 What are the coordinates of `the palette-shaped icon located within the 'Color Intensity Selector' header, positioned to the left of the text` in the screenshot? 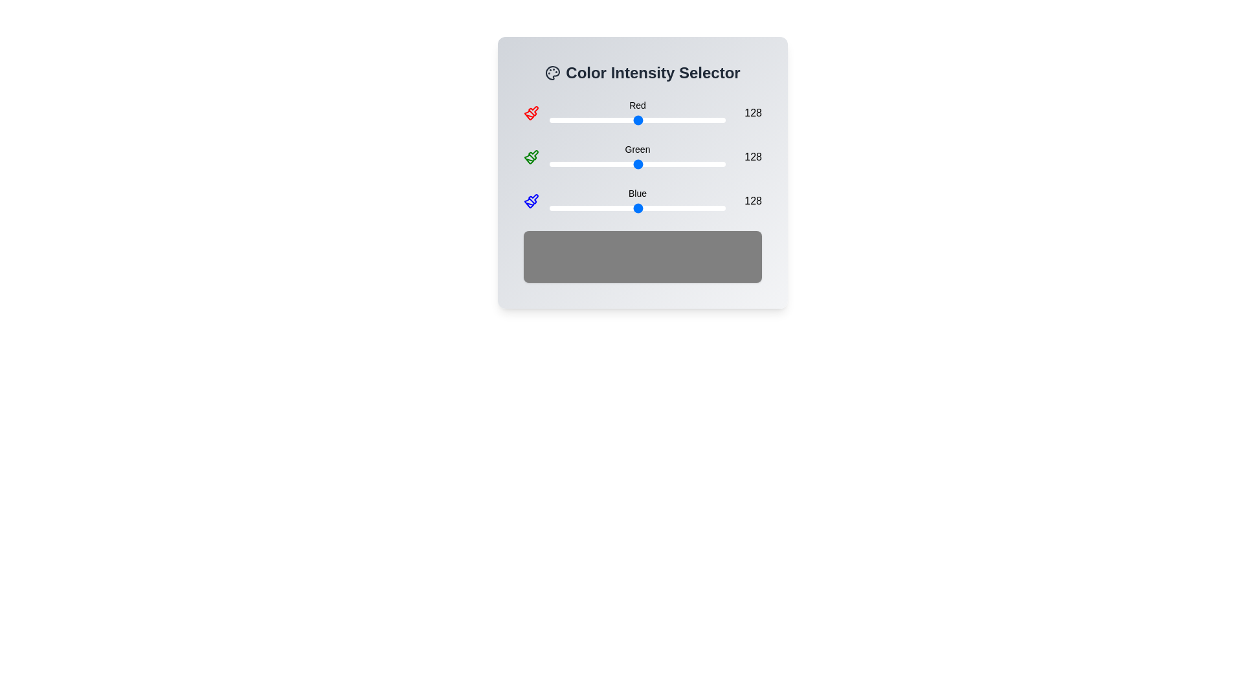 It's located at (553, 72).